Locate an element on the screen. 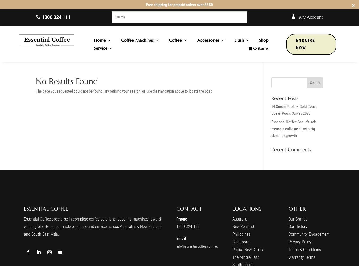  'Coffee Packaging' is located at coordinates (177, 65).